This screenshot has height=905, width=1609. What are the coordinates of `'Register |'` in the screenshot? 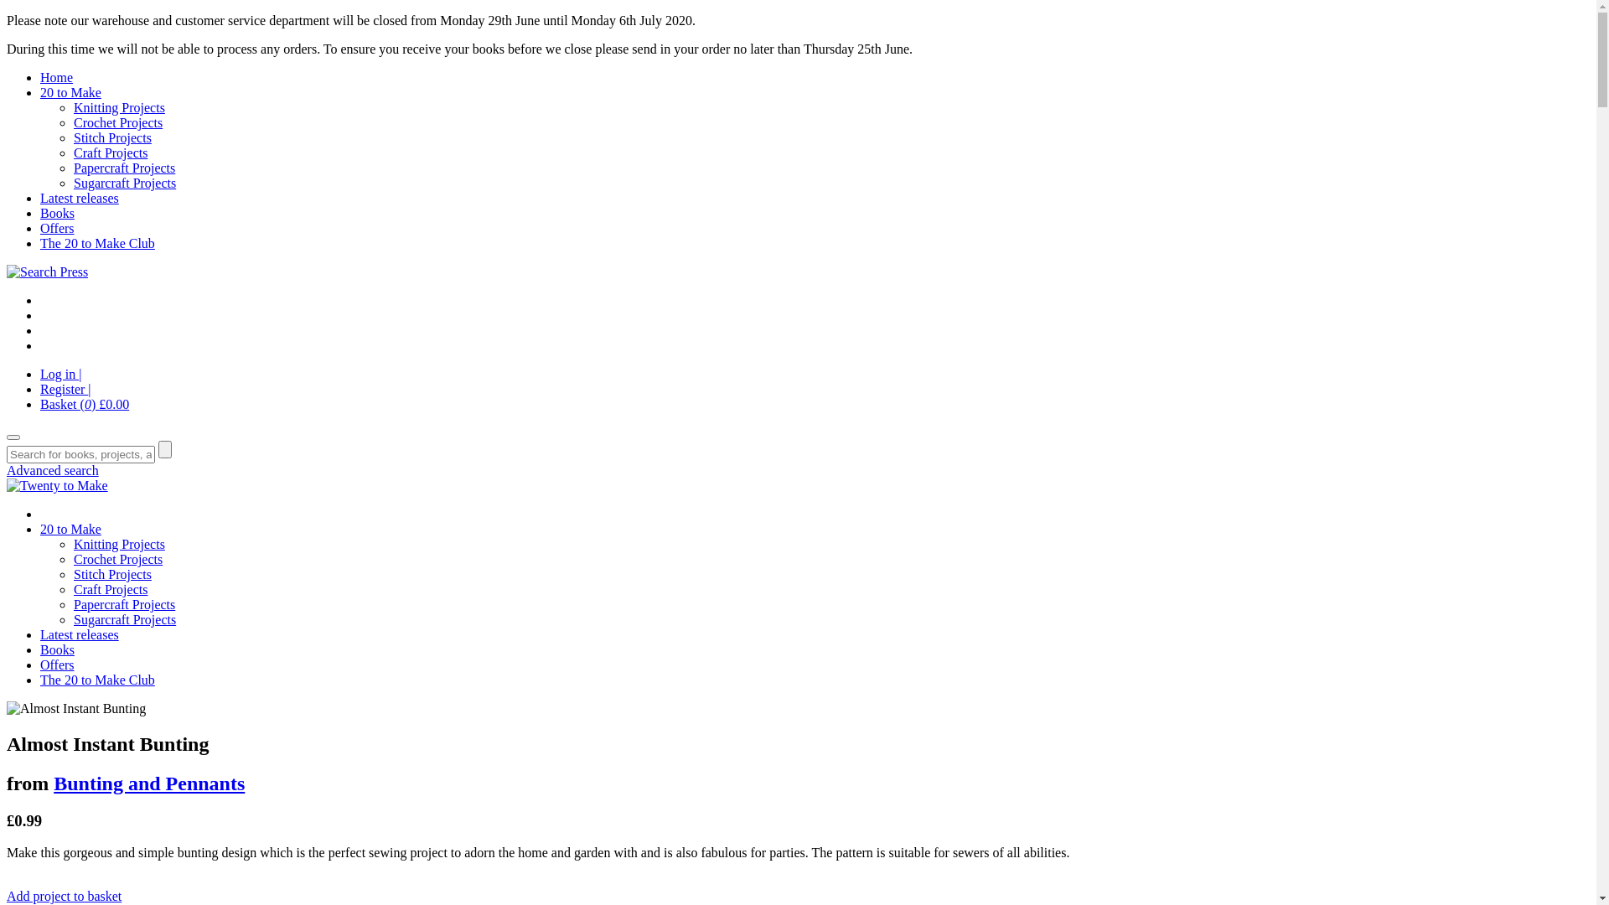 It's located at (65, 389).